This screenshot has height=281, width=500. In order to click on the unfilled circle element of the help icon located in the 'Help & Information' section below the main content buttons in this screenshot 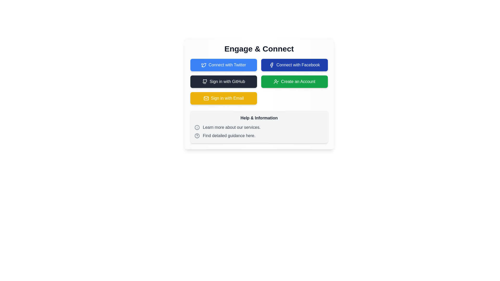, I will do `click(197, 135)`.